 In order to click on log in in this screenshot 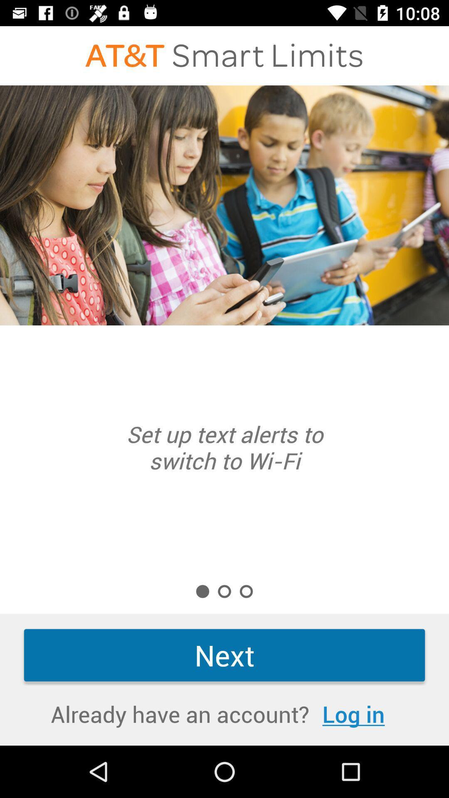, I will do `click(353, 713)`.